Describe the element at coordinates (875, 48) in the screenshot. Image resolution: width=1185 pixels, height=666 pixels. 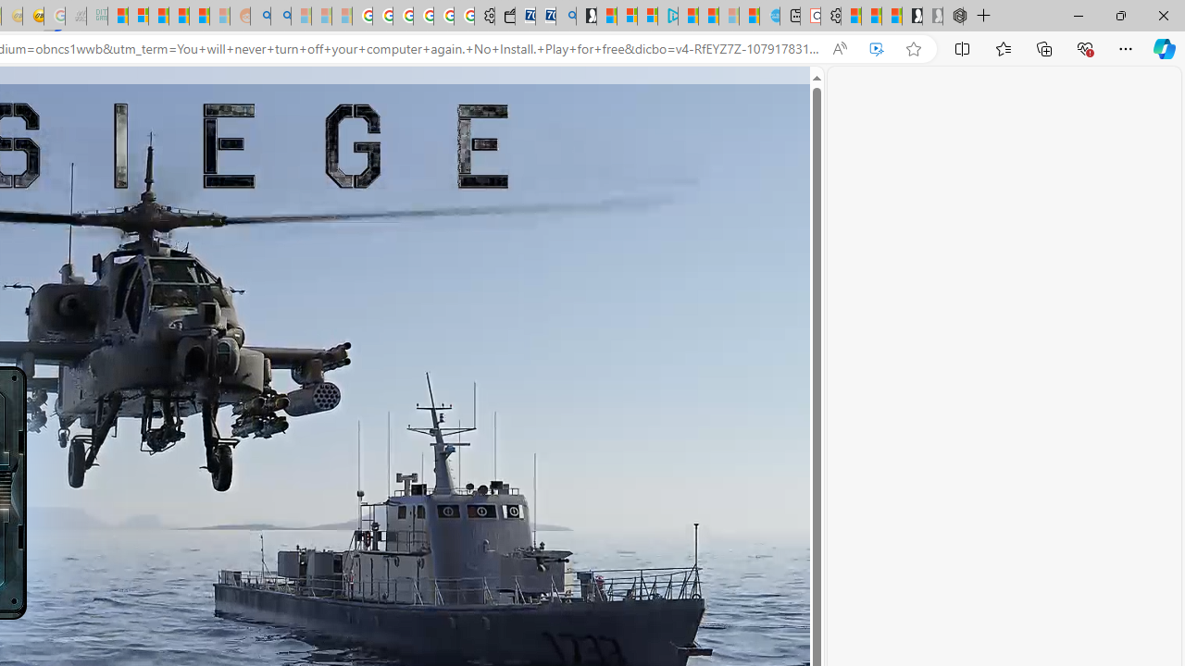
I see `'Enhance video'` at that location.